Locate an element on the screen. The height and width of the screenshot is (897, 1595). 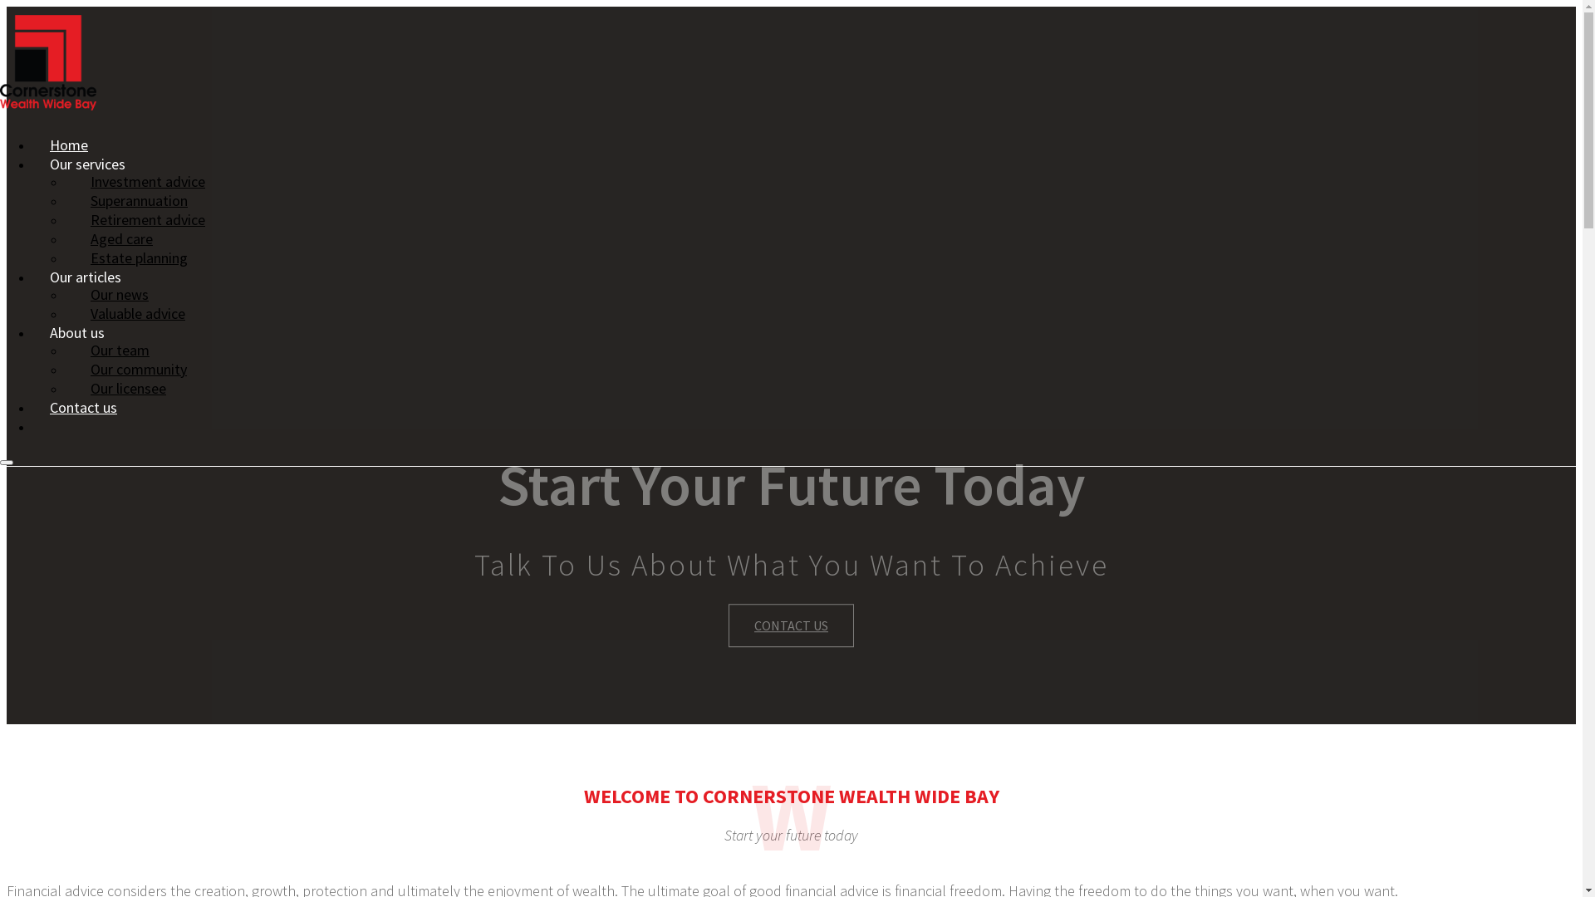
'Superannuation' is located at coordinates (139, 199).